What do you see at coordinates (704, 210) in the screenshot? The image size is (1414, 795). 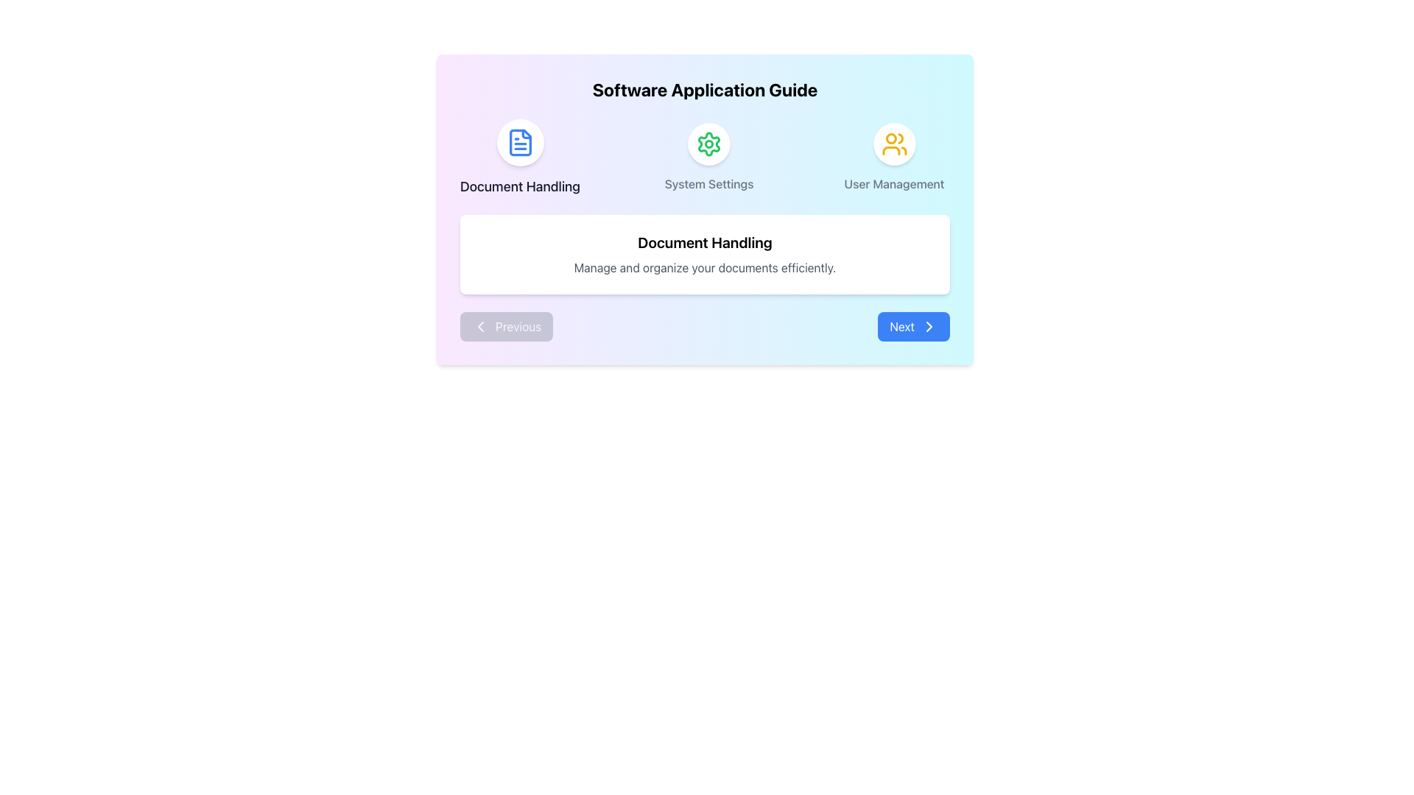 I see `the centrally positioned informational section that serves as a guide segment, displaying a title and description, with navigation options below` at bounding box center [704, 210].